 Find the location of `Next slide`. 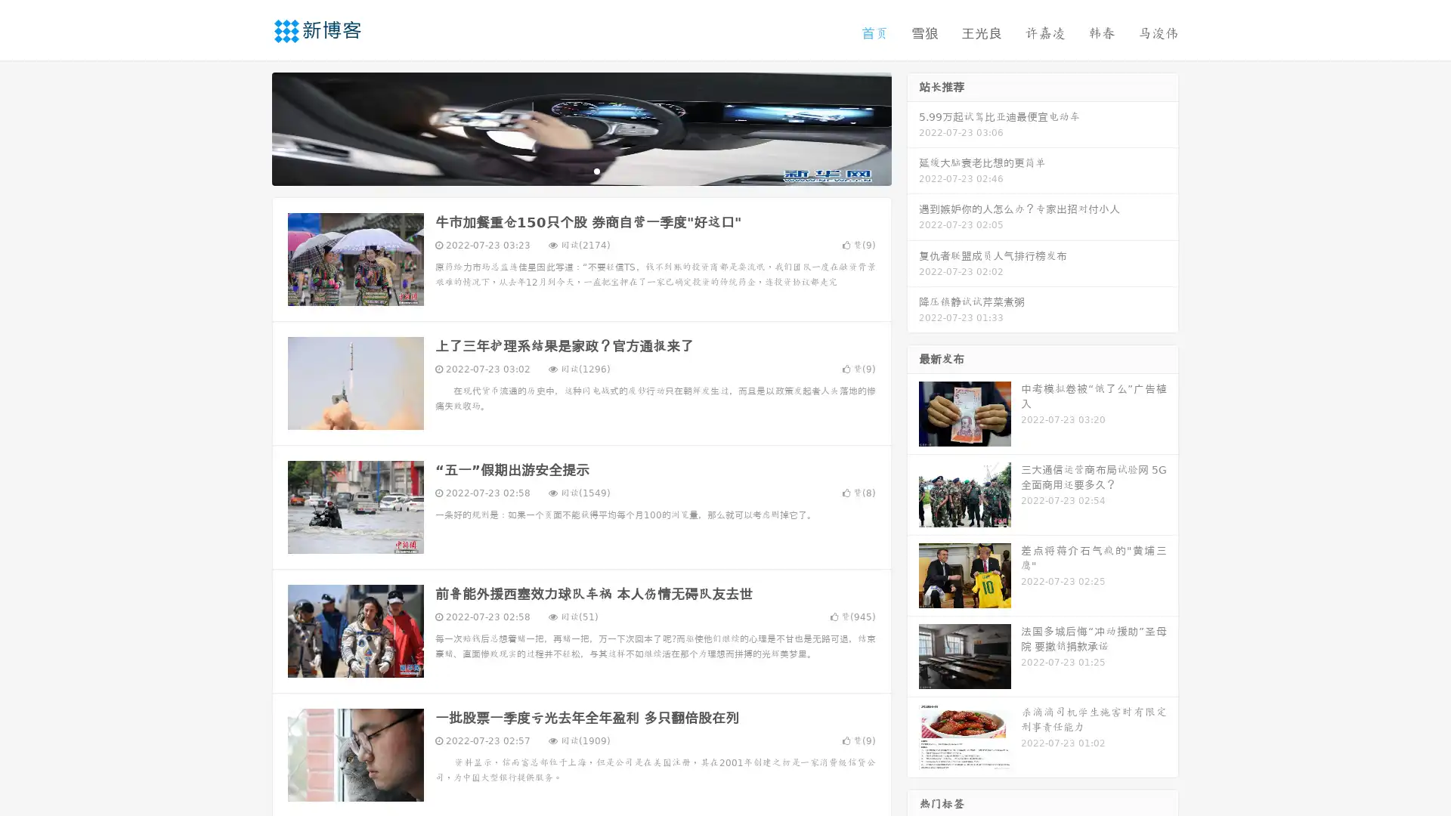

Next slide is located at coordinates (913, 127).